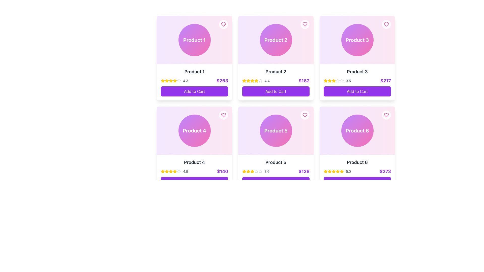 The image size is (484, 272). Describe the element at coordinates (348, 171) in the screenshot. I see `the text label that displays the rating value for 'Product 6', located immediately to the right of the five yellow star icons in the rating section` at that location.